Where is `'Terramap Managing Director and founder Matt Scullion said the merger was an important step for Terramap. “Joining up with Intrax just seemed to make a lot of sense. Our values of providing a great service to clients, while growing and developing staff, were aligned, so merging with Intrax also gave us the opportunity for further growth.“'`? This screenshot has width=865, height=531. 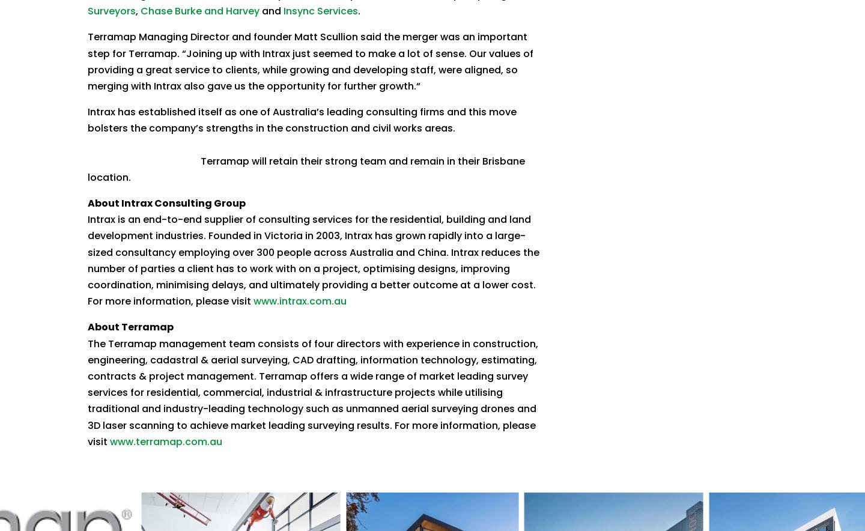
'Terramap Managing Director and founder Matt Scullion said the merger was an important step for Terramap. “Joining up with Intrax just seemed to make a lot of sense. Our values of providing a great service to clients, while growing and developing staff, were aligned, so merging with Intrax also gave us the opportunity for further growth.“' is located at coordinates (309, 61).